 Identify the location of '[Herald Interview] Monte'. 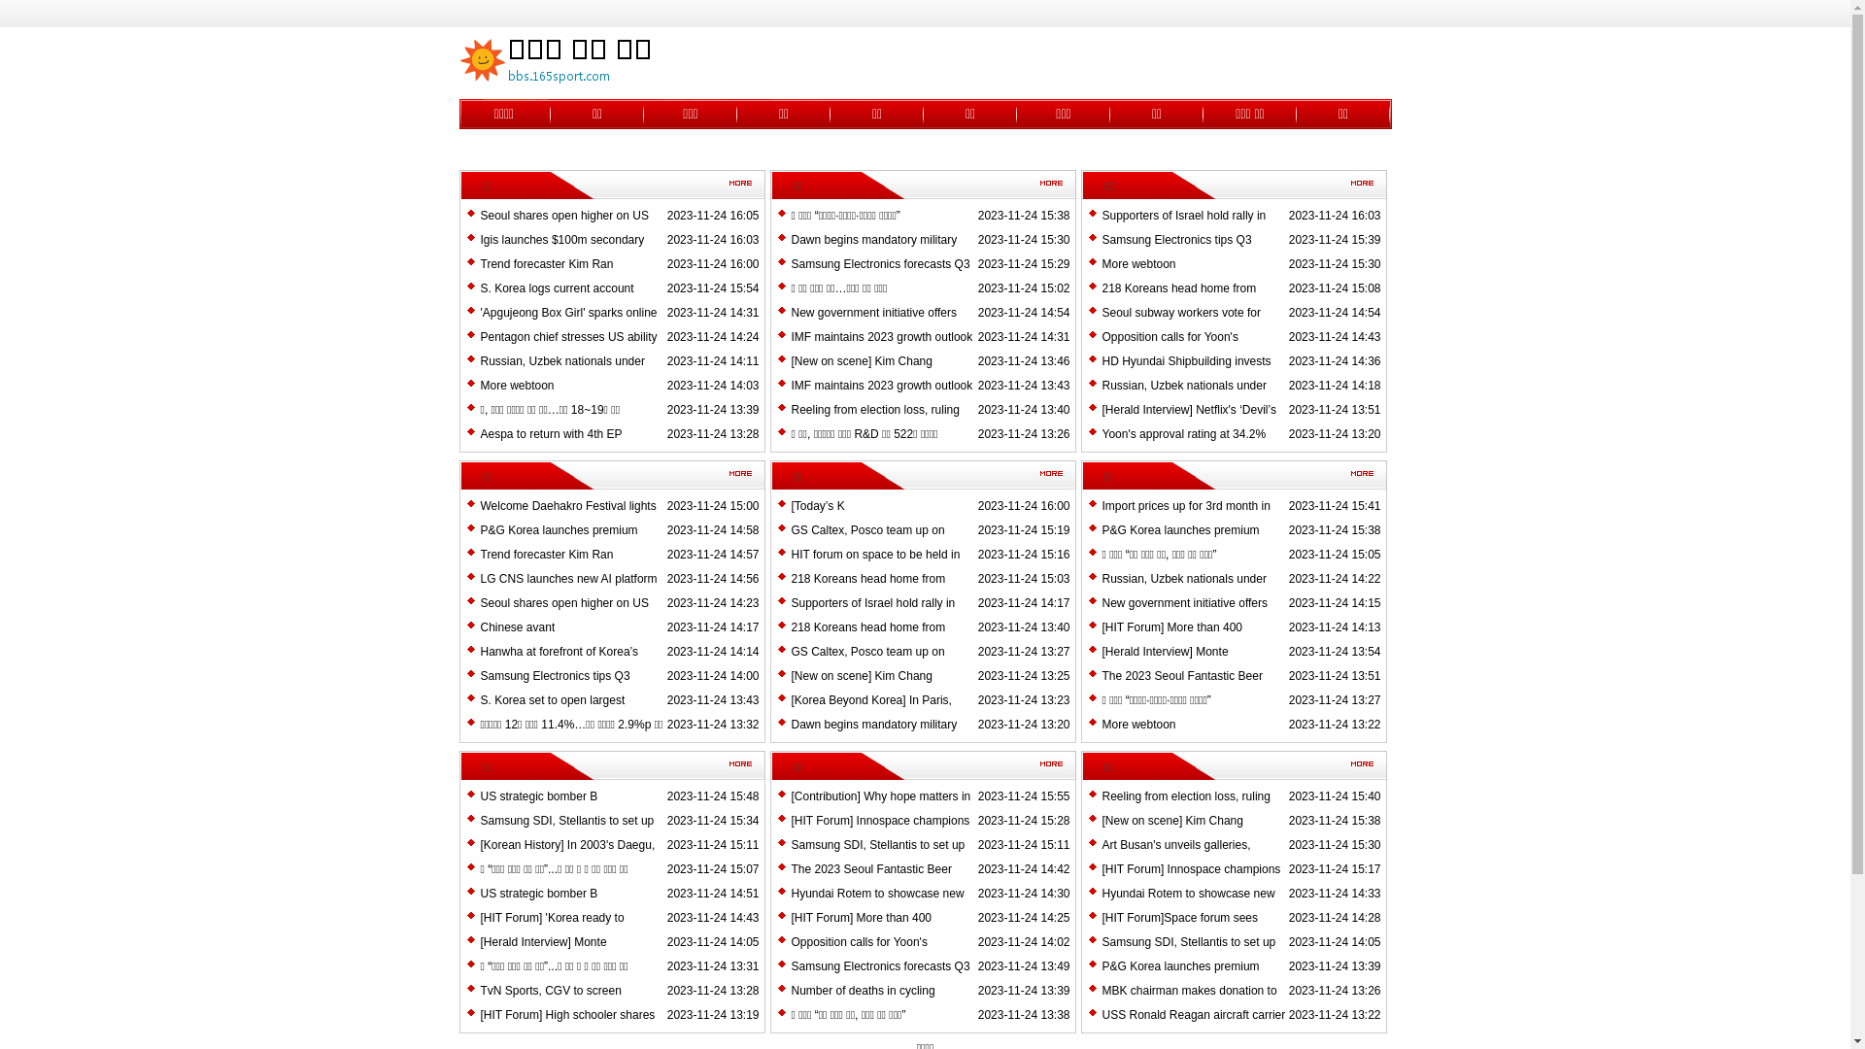
(1101, 652).